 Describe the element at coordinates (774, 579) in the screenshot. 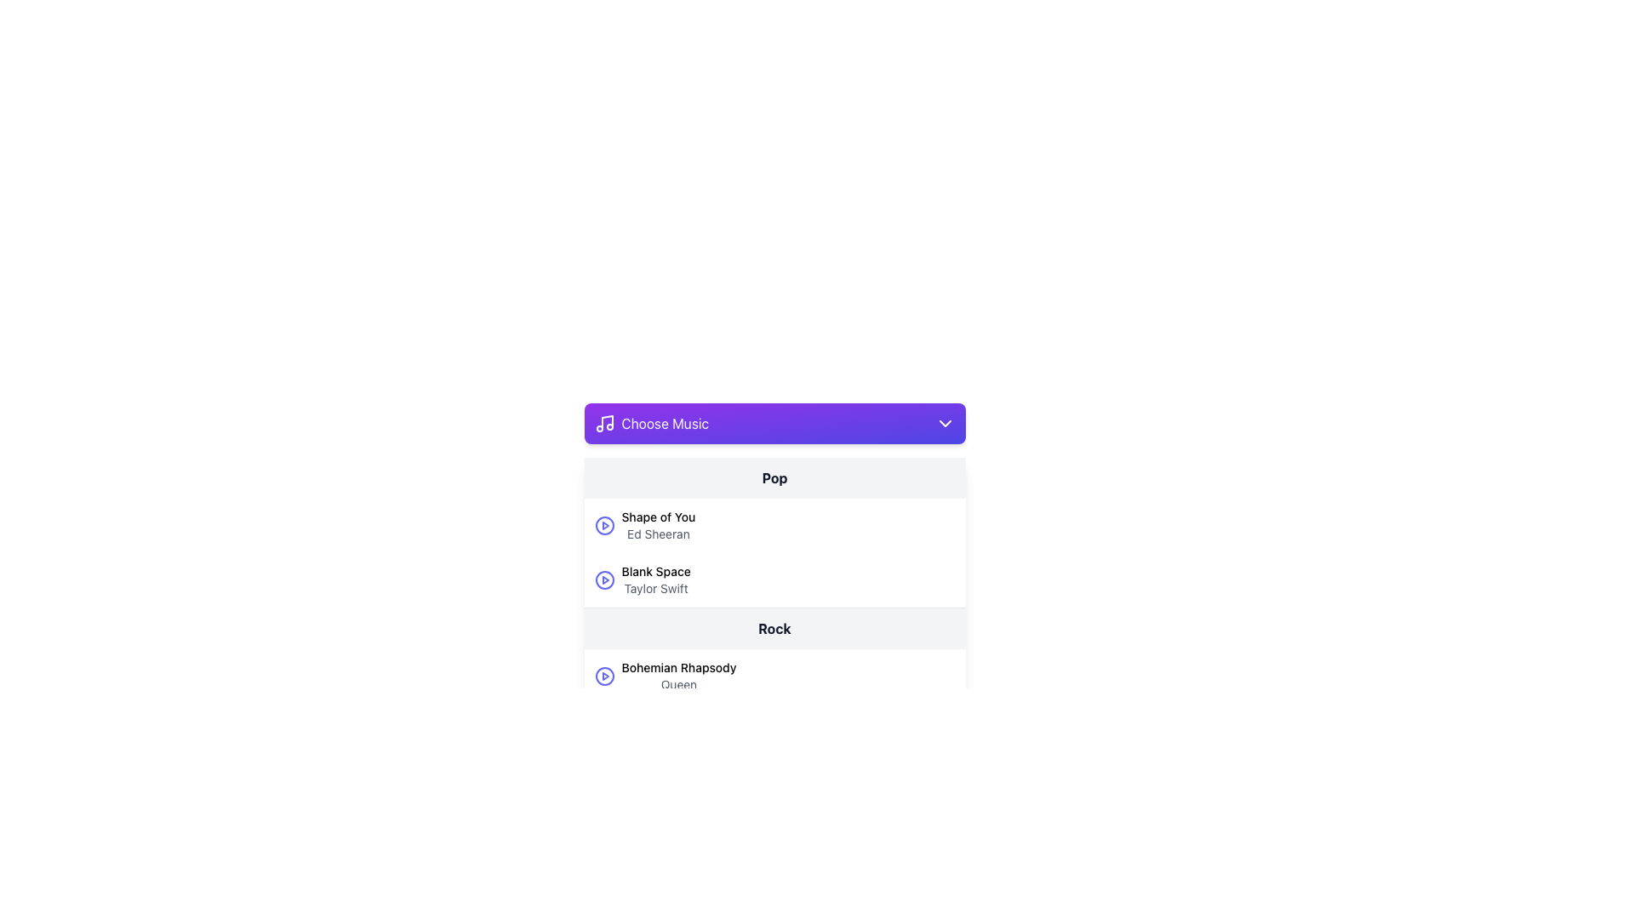

I see `the second list item in the 'Pop' category featuring the song 'Blank Space' by Taylor Swift` at that location.